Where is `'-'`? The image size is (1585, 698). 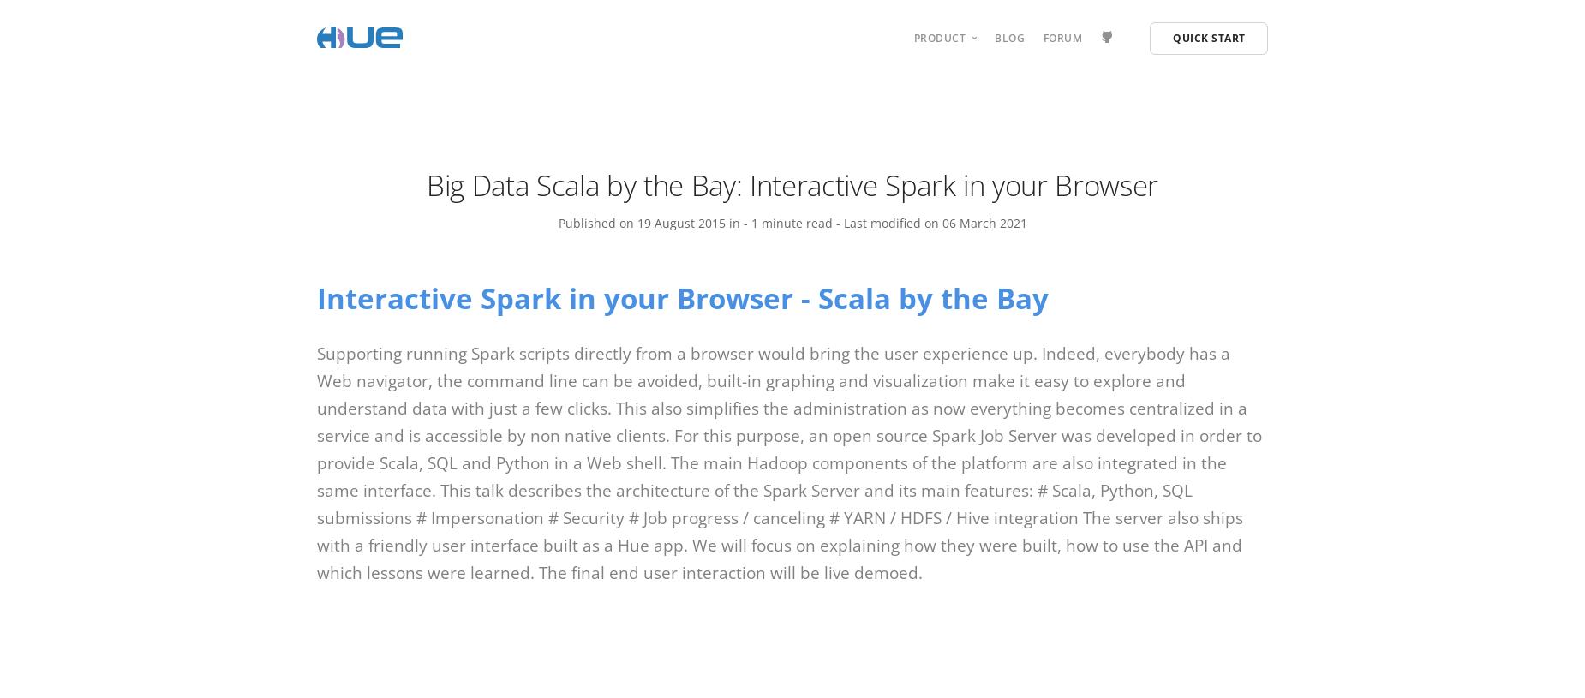
'-' is located at coordinates (746, 223).